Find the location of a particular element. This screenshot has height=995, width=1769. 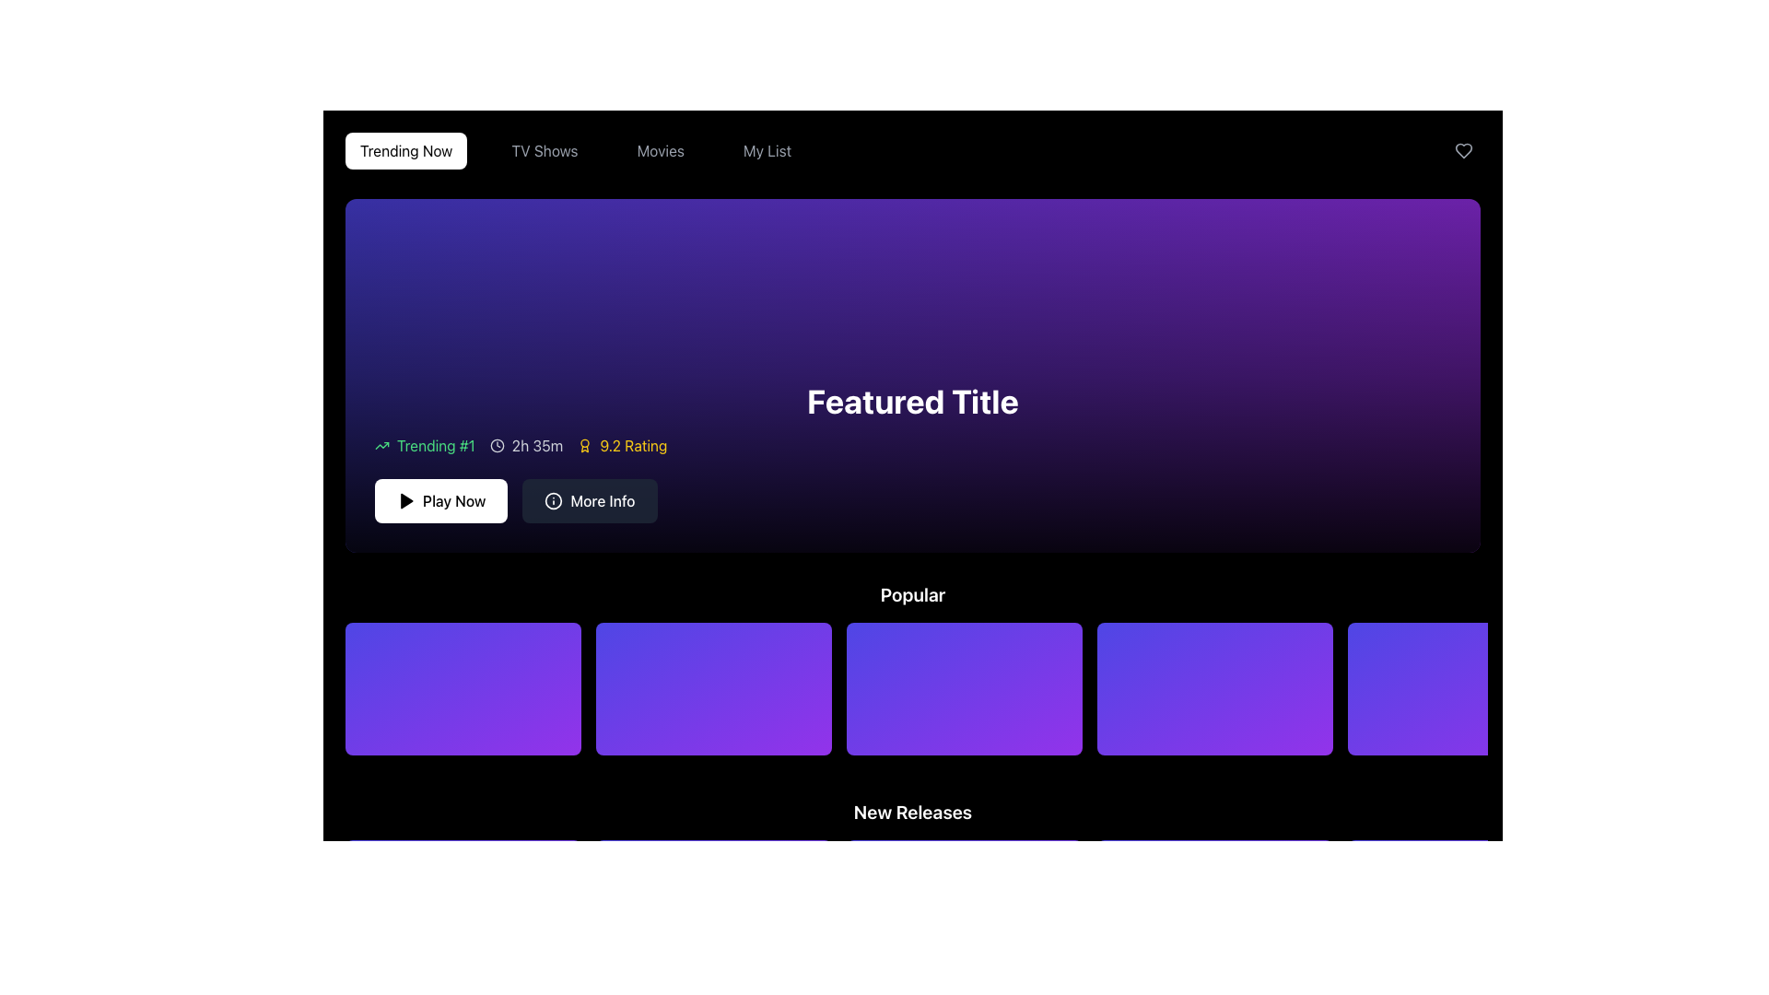

the button located in the navigation bar that allows users is located at coordinates (574, 150).